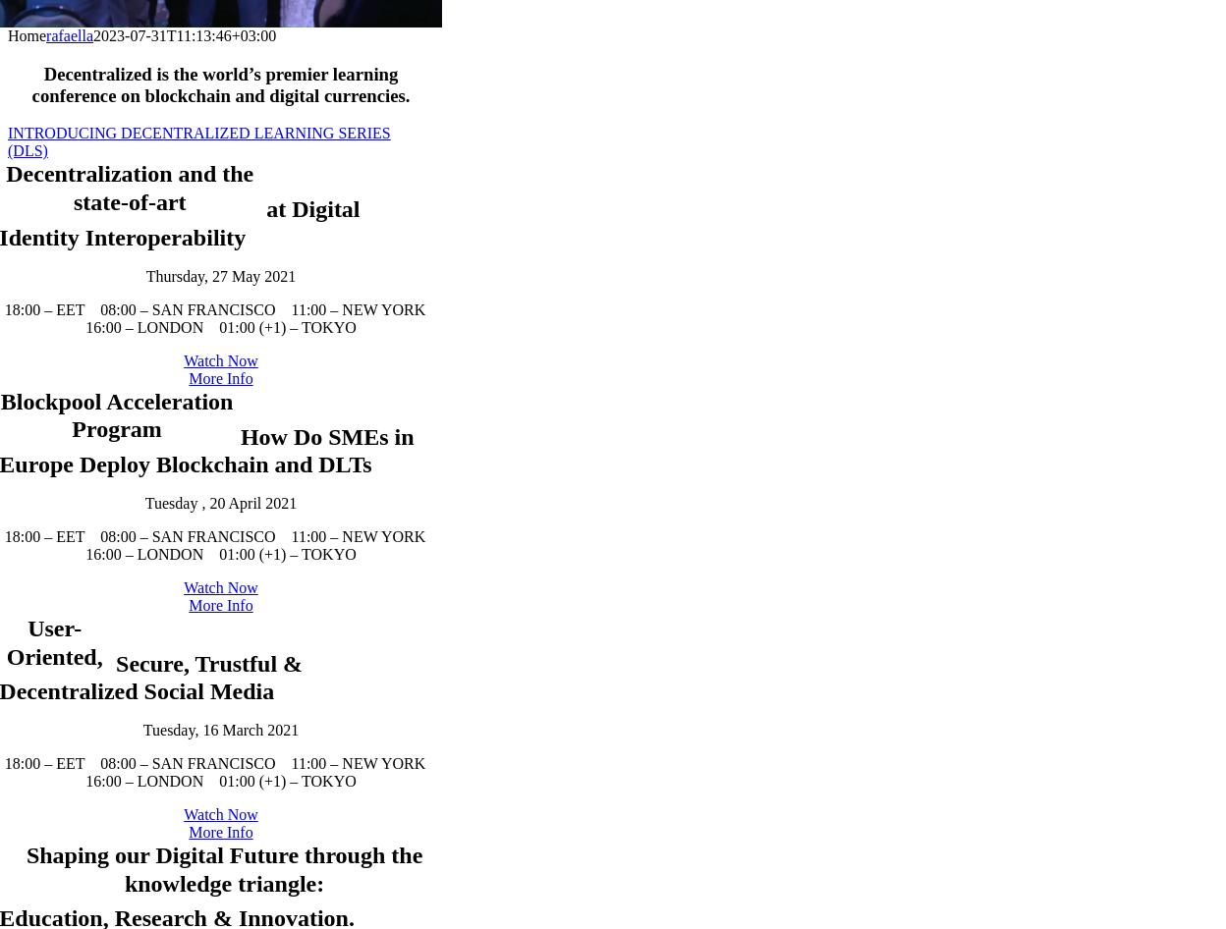  I want to click on 'Thursday, 27 May 2021', so click(220, 360).